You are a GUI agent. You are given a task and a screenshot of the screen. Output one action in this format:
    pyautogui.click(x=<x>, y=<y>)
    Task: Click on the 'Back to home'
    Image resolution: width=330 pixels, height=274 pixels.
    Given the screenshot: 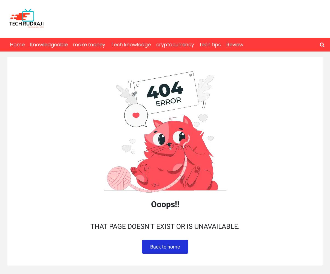 What is the action you would take?
    pyautogui.click(x=165, y=246)
    